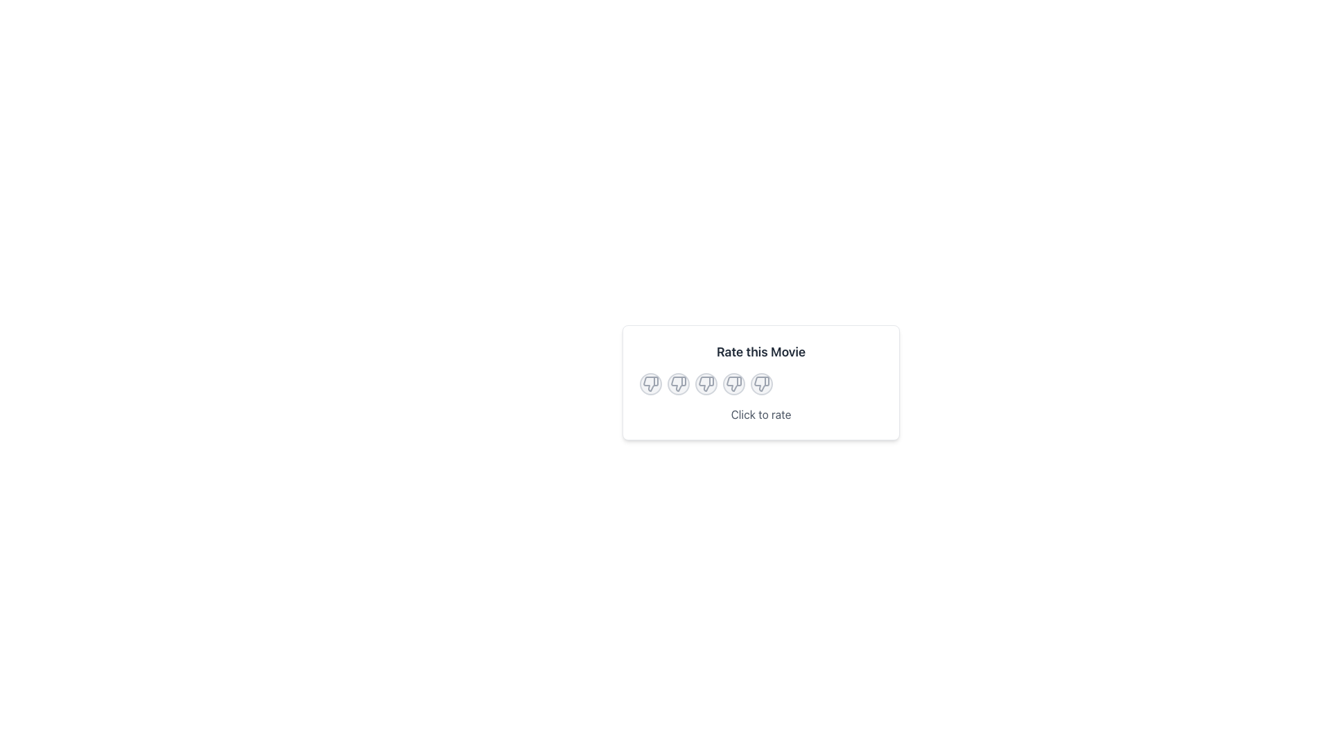 This screenshot has height=749, width=1331. What do you see at coordinates (679, 384) in the screenshot?
I see `the second thumbs-down rating button` at bounding box center [679, 384].